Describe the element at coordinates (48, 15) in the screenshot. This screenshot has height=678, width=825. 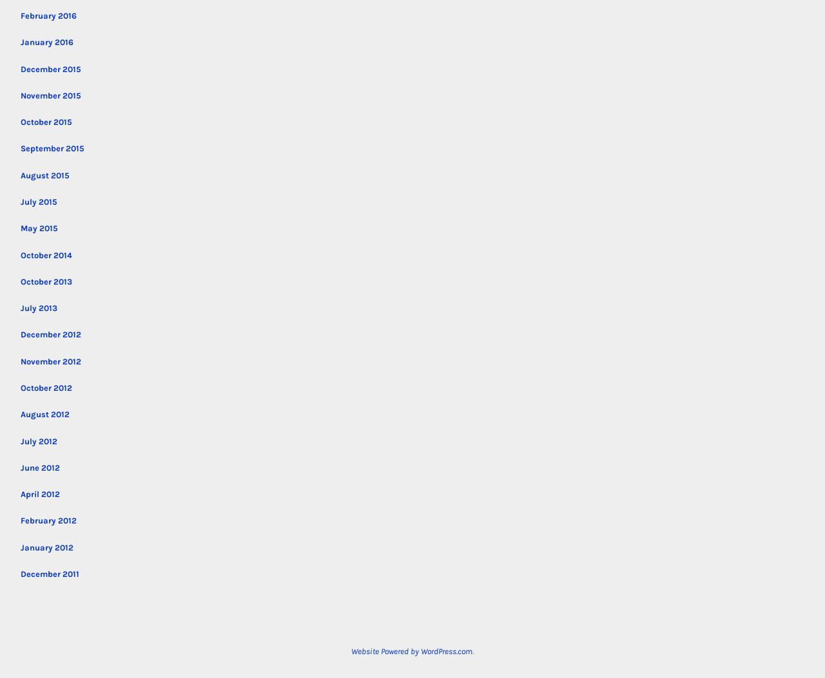
I see `'February 2016'` at that location.